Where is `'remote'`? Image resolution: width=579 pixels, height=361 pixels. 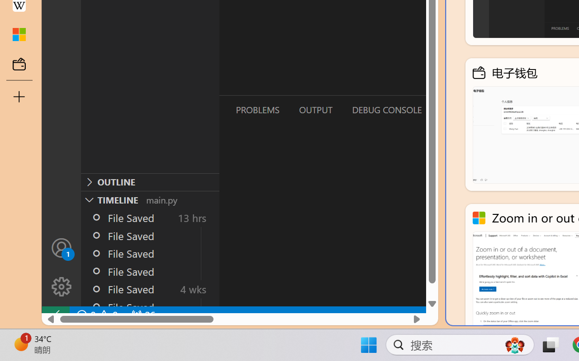 'remote' is located at coordinates (55, 315).